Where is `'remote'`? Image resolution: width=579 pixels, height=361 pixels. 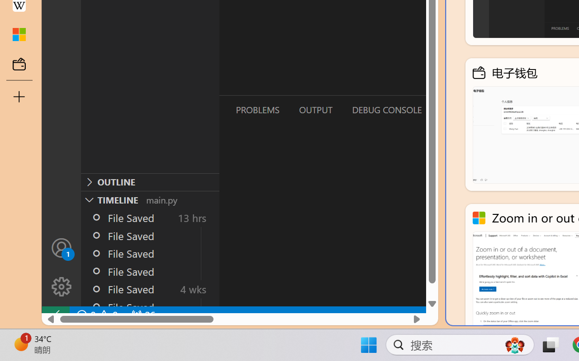 'remote' is located at coordinates (55, 315).